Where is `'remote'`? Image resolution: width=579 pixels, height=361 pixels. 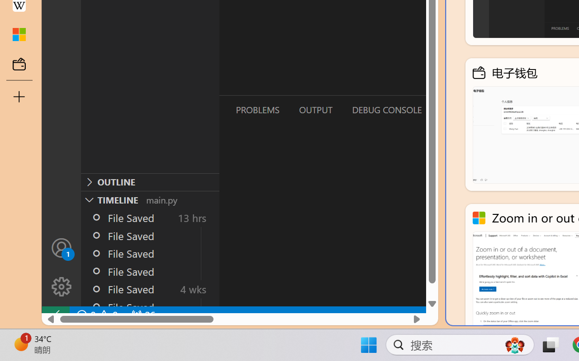 'remote' is located at coordinates (55, 315).